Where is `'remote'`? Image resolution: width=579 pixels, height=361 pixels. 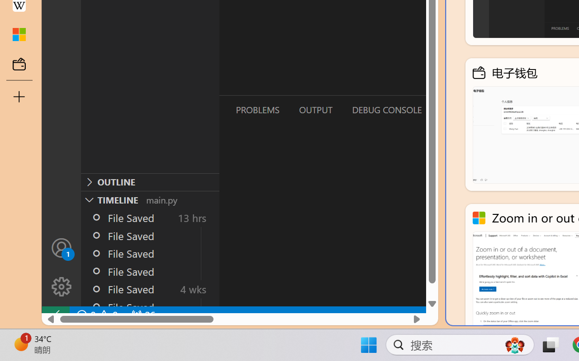 'remote' is located at coordinates (55, 315).